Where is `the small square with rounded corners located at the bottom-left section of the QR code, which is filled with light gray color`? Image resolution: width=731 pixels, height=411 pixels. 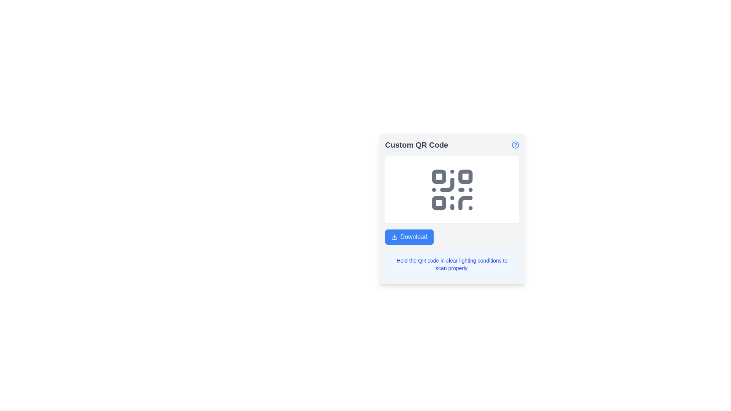 the small square with rounded corners located at the bottom-left section of the QR code, which is filled with light gray color is located at coordinates (439, 202).